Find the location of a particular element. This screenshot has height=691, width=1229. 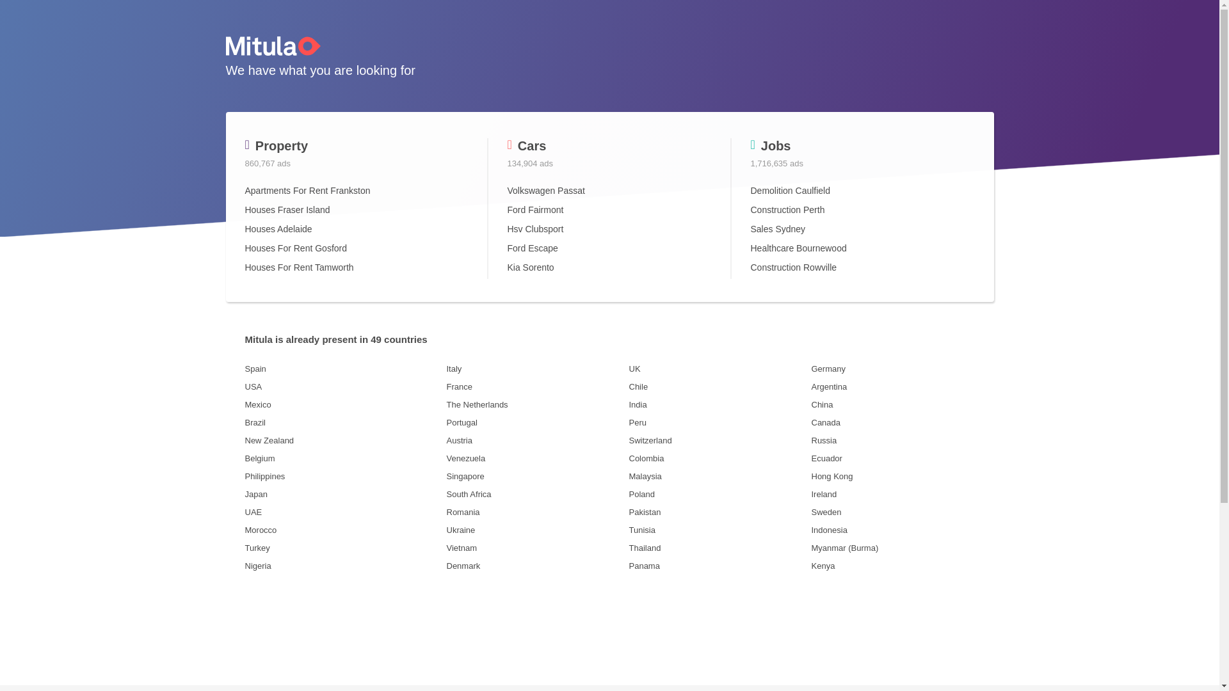

'South Africa' is located at coordinates (528, 493).